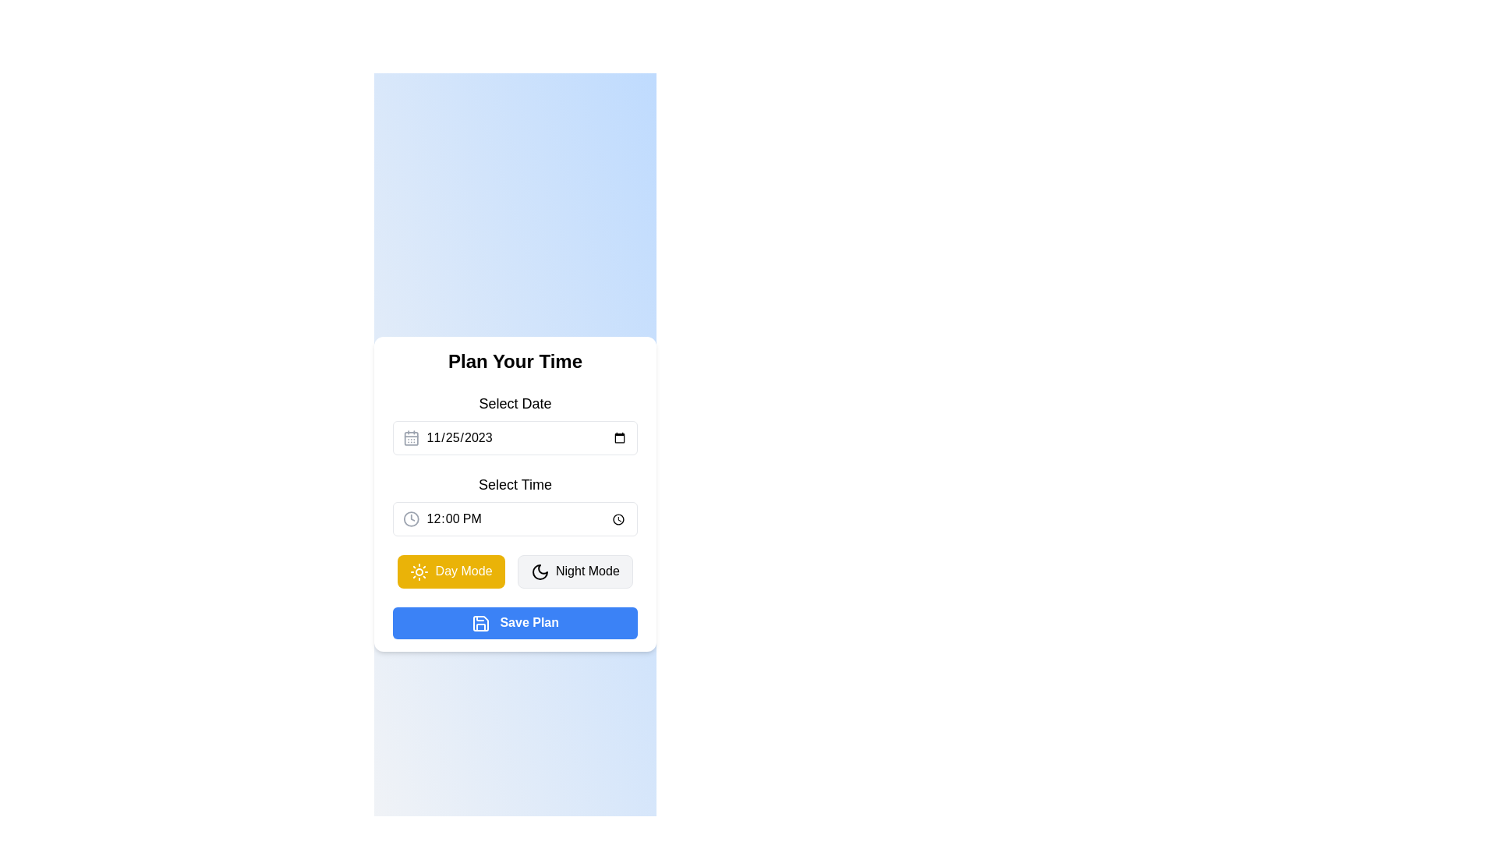 Image resolution: width=1497 pixels, height=842 pixels. I want to click on the circular clock icon with a gray outline and clock hands pointing to 12 and 2, located adjacent to the text input labeled '12:00 PM', so click(411, 519).